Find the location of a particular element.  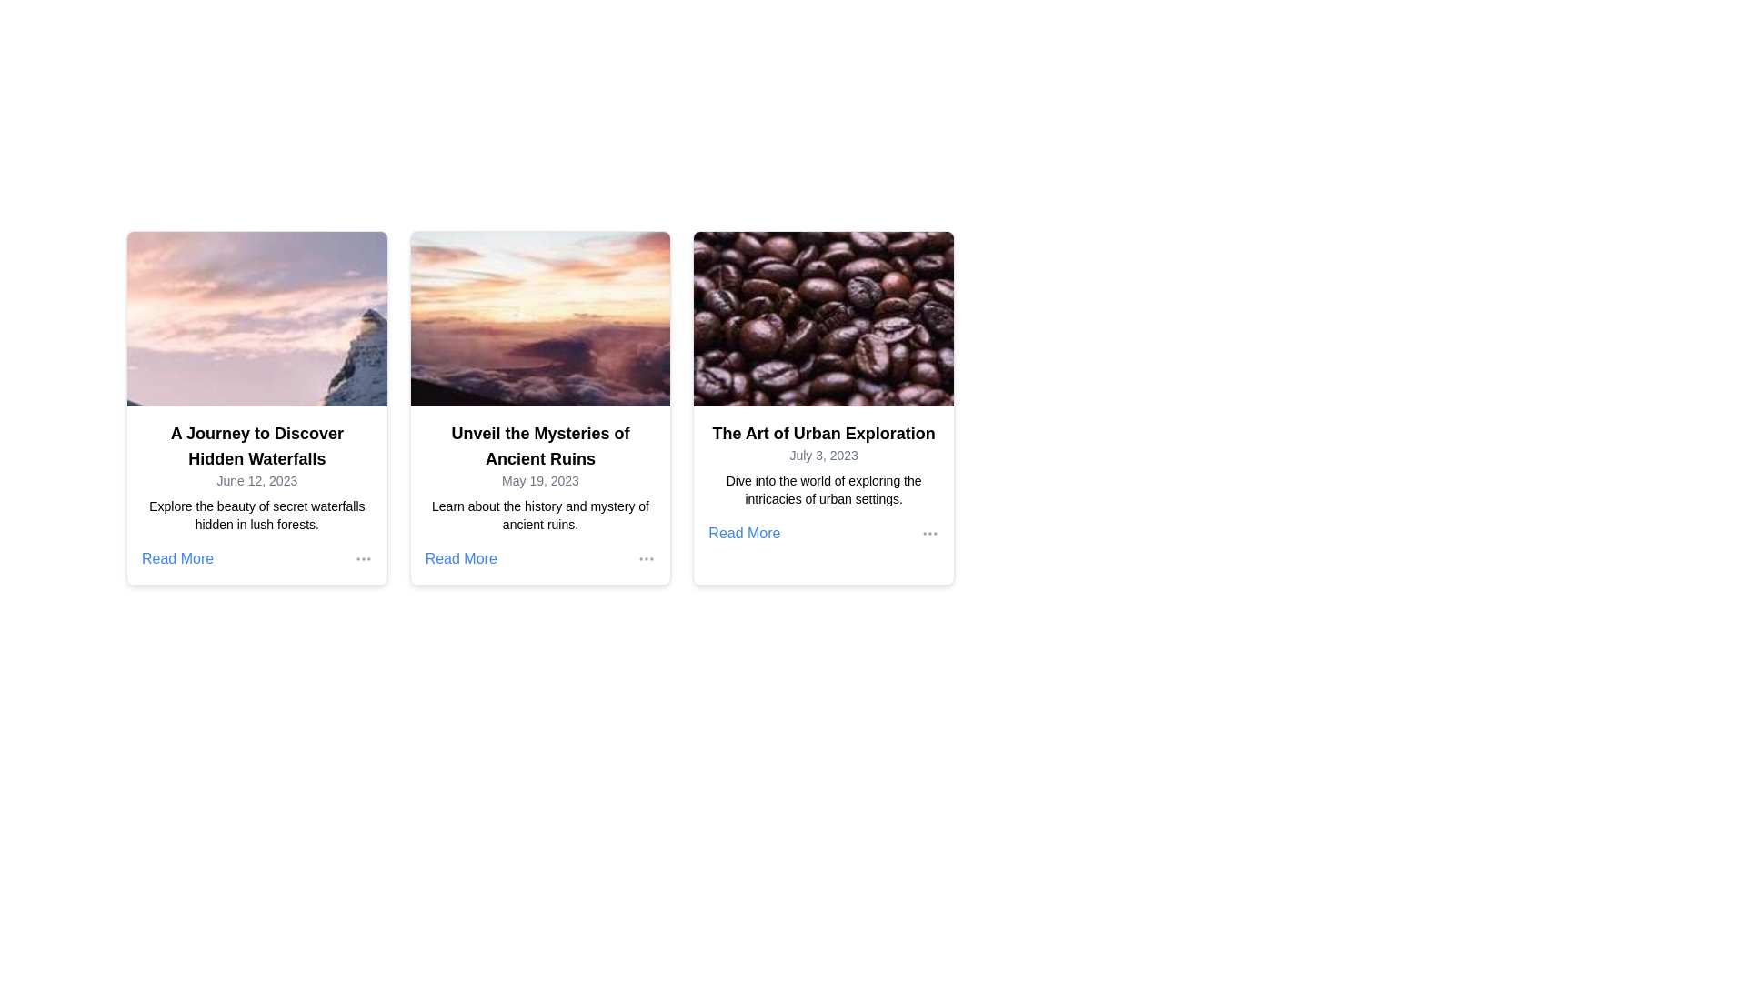

the decorative image at the top of the card titled 'Unveil the Mysteries of Ancient Ruins' is located at coordinates (539, 318).